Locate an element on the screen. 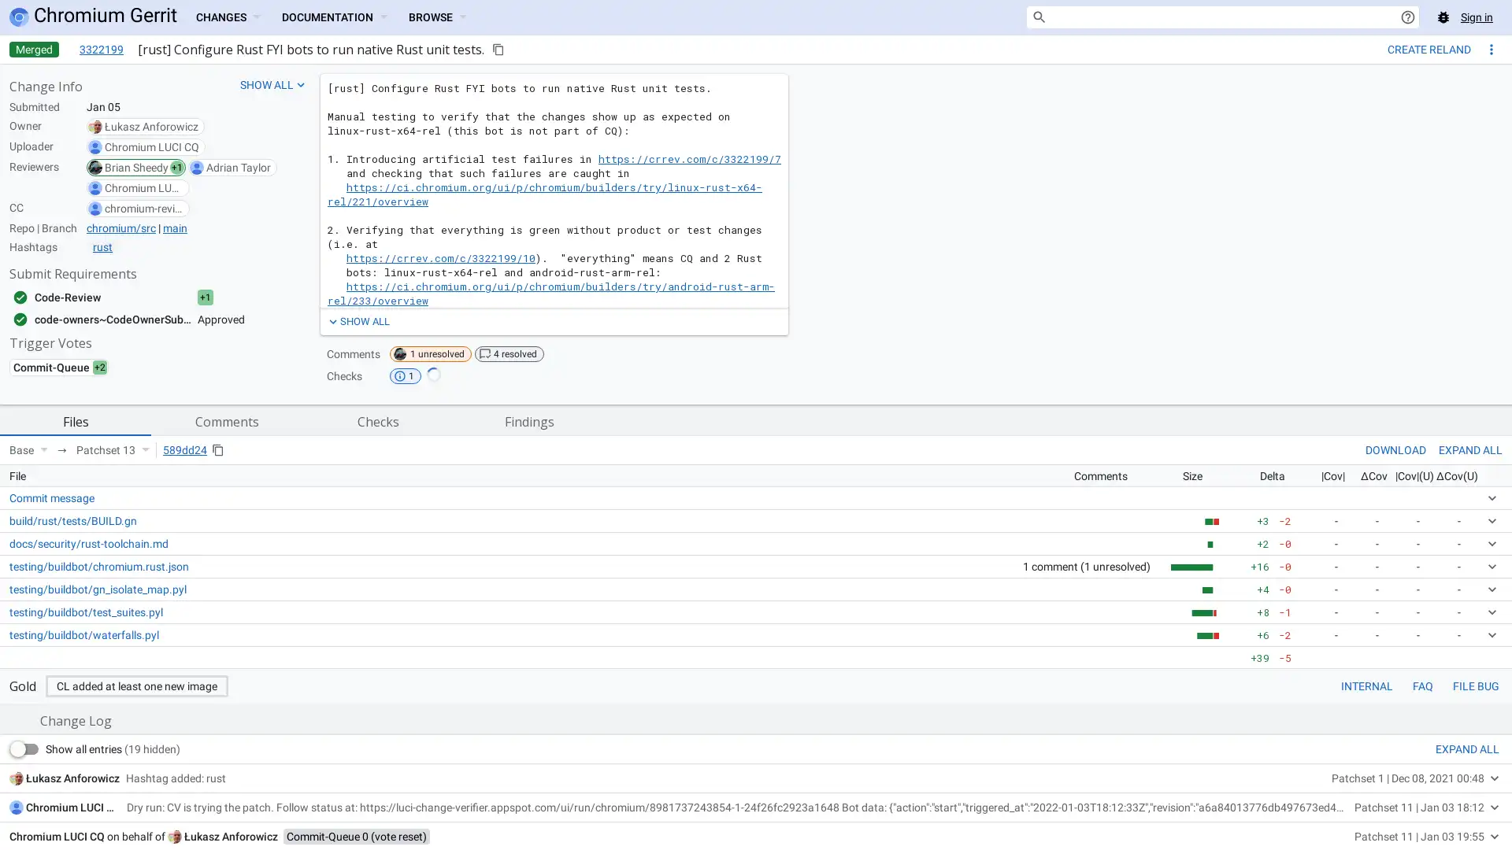  FAQ is located at coordinates (1422, 685).